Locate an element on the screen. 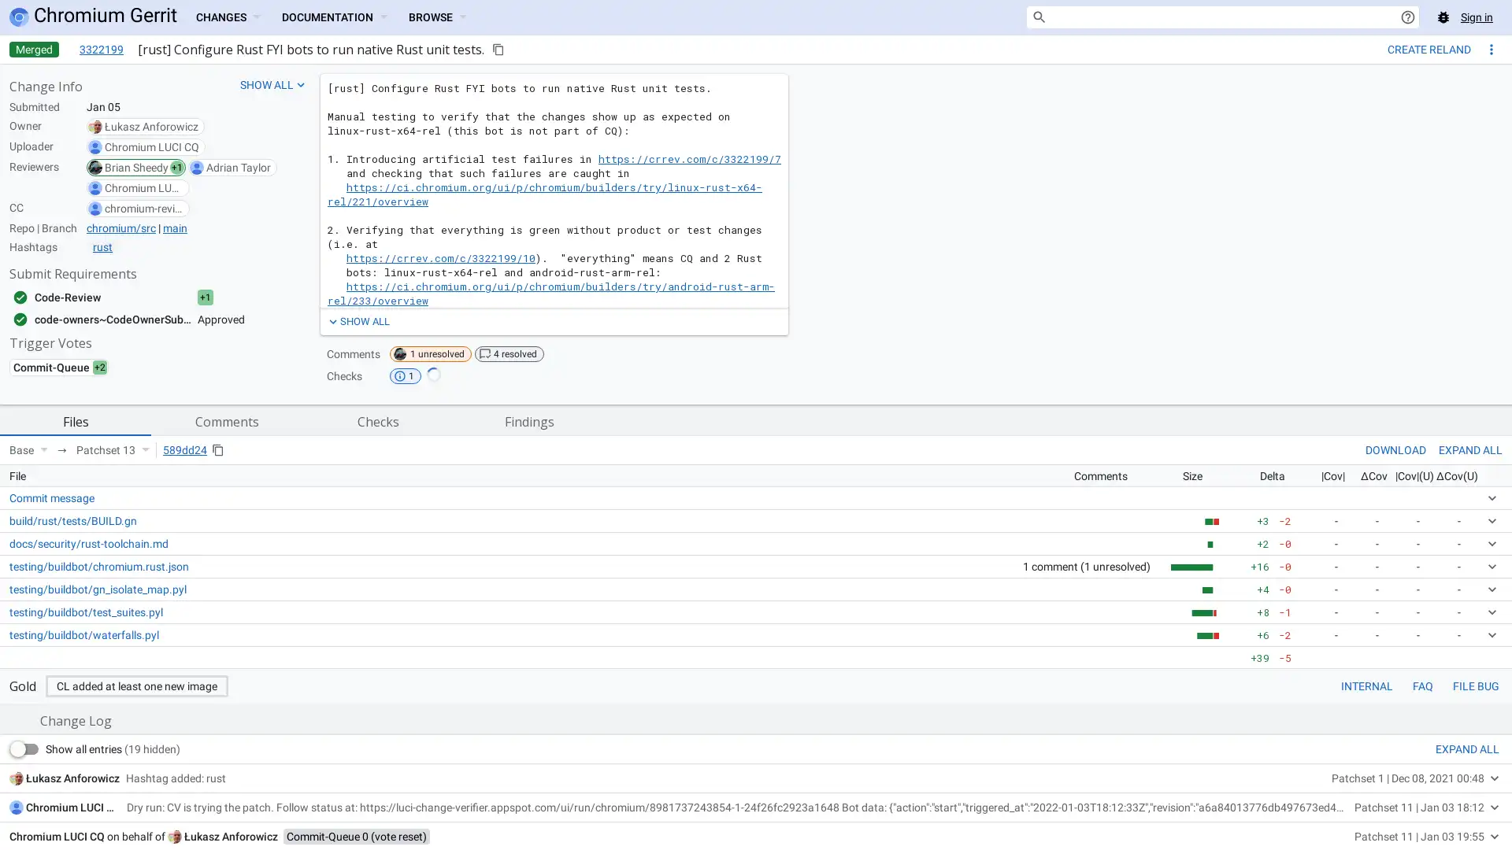  FAQ is located at coordinates (1422, 685).